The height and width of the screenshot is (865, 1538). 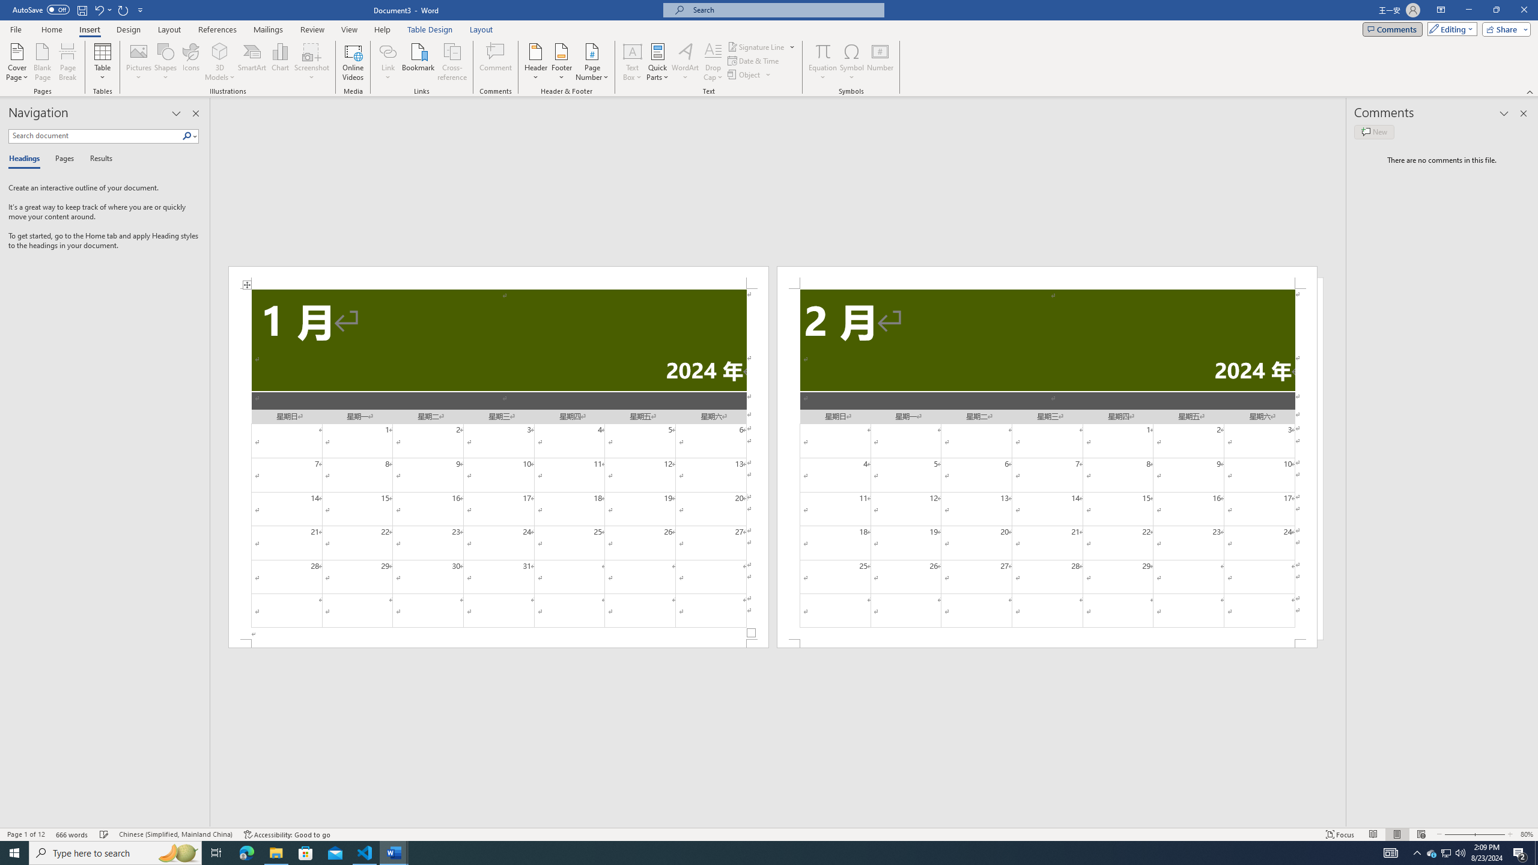 I want to click on 'Number...', so click(x=880, y=62).